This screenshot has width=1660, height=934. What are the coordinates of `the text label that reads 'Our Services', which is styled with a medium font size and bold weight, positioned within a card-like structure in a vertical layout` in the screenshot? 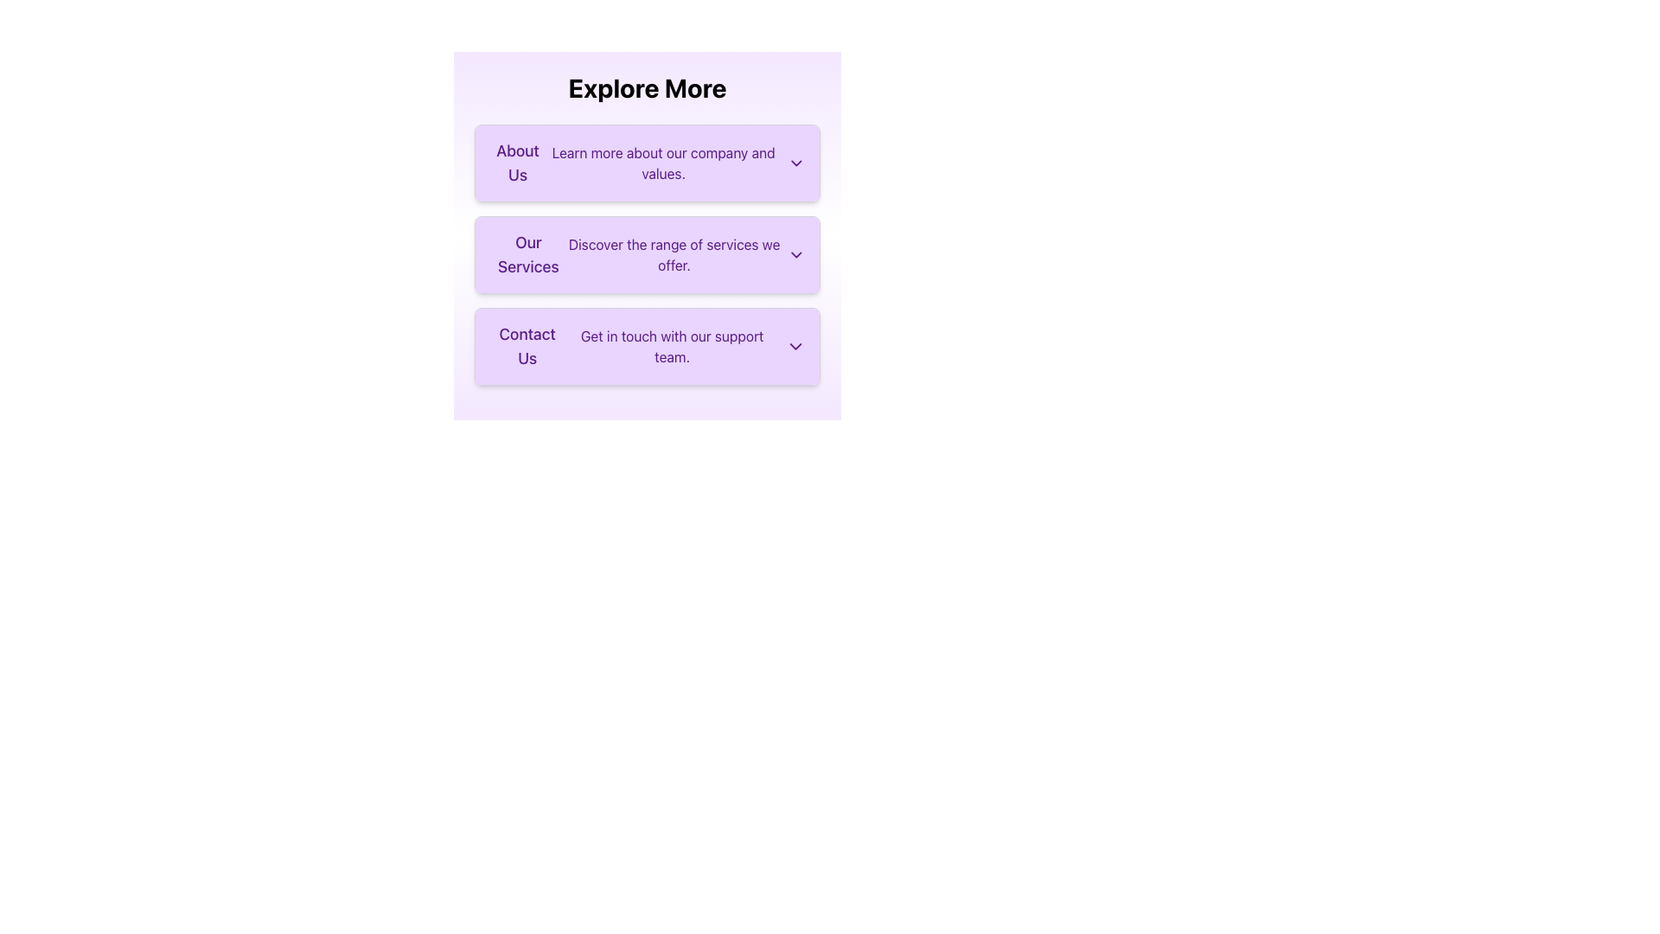 It's located at (527, 254).